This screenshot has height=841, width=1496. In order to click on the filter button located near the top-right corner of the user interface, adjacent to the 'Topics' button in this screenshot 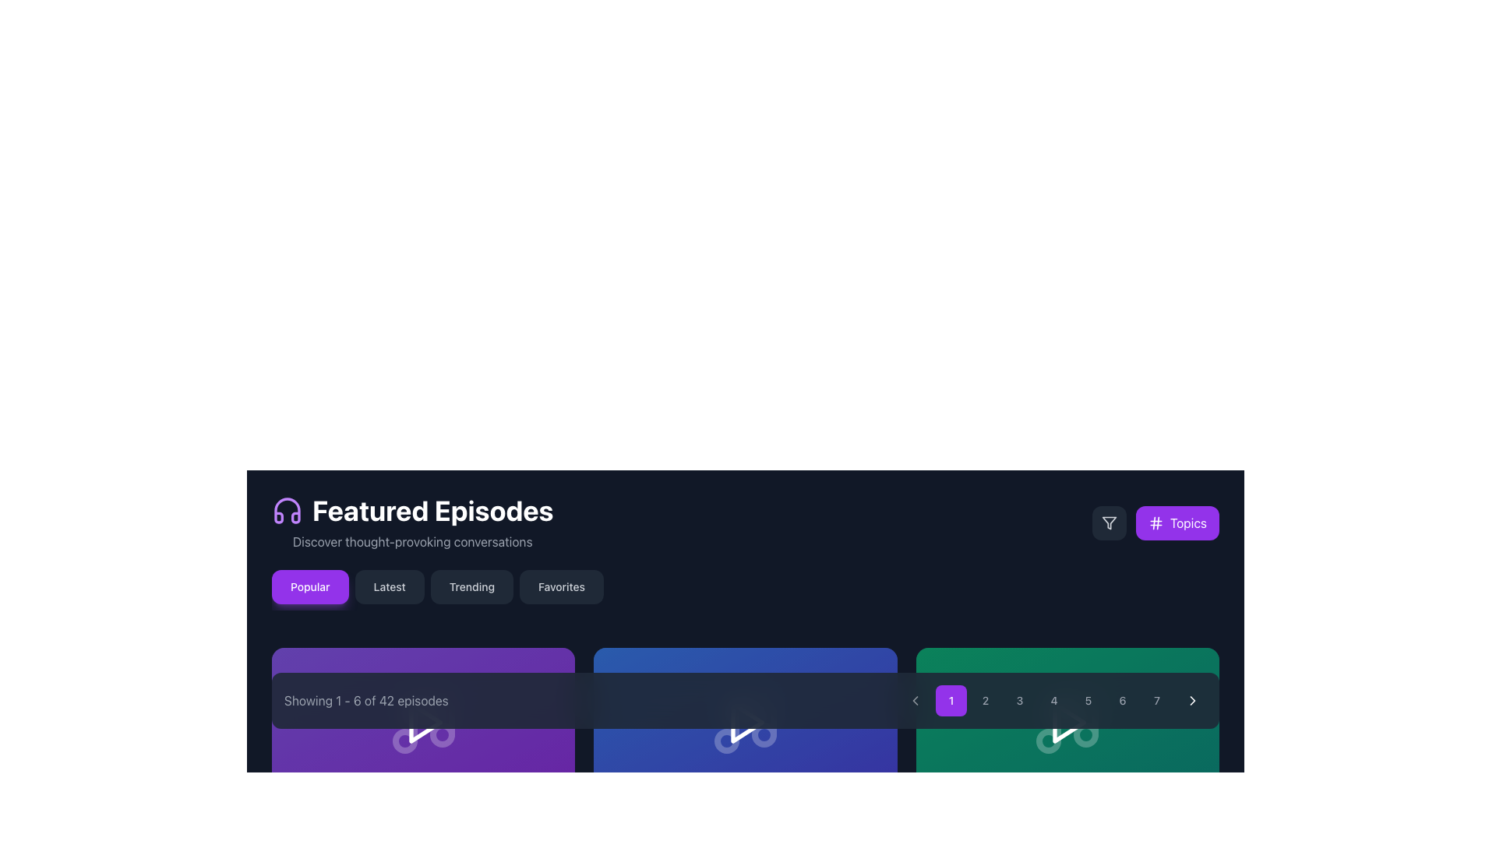, I will do `click(1108, 523)`.